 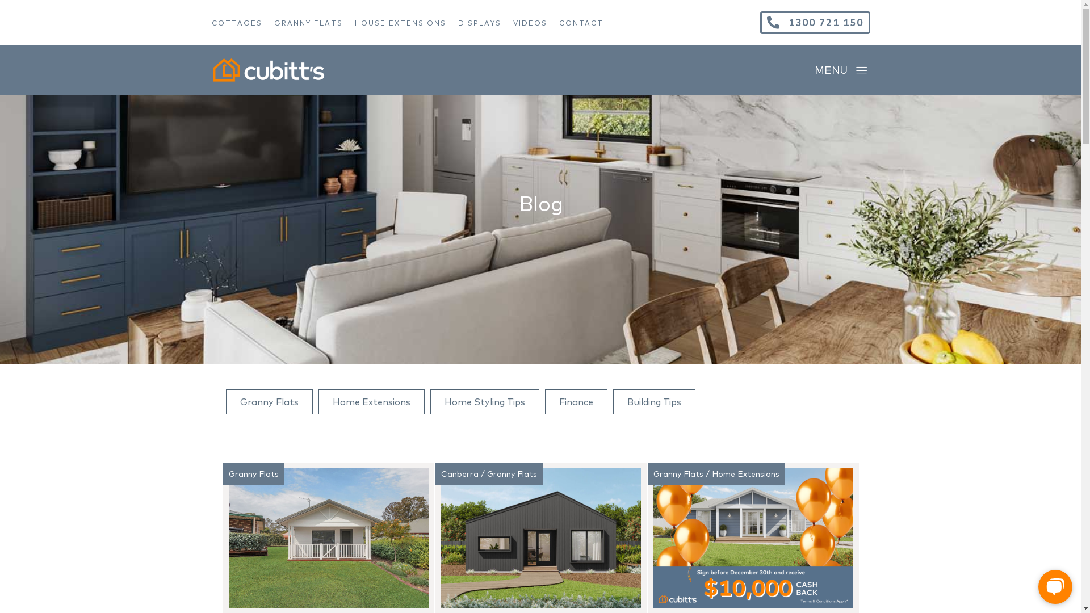 What do you see at coordinates (814, 22) in the screenshot?
I see `'1300 721 150'` at bounding box center [814, 22].